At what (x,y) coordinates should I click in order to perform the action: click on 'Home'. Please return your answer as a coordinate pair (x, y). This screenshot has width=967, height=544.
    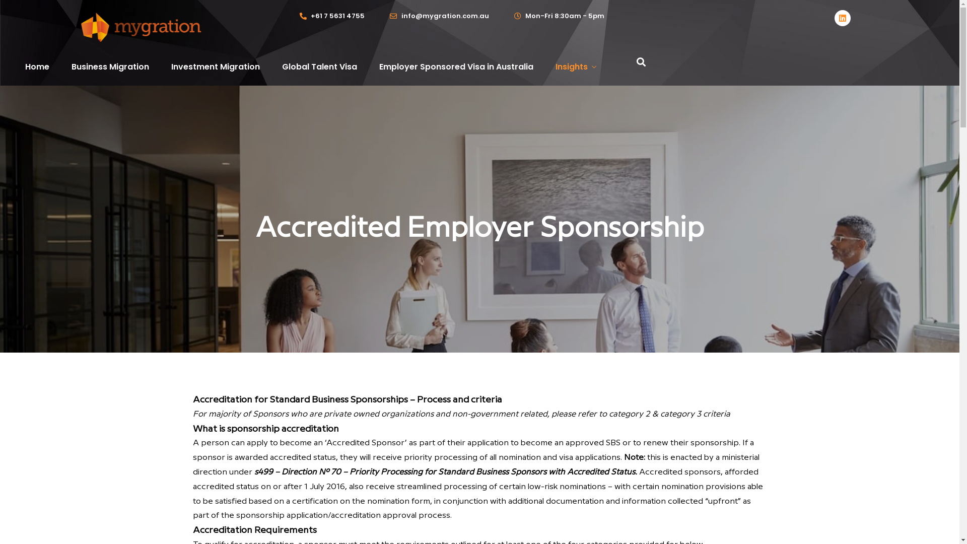
    Looking at the image, I should click on (37, 67).